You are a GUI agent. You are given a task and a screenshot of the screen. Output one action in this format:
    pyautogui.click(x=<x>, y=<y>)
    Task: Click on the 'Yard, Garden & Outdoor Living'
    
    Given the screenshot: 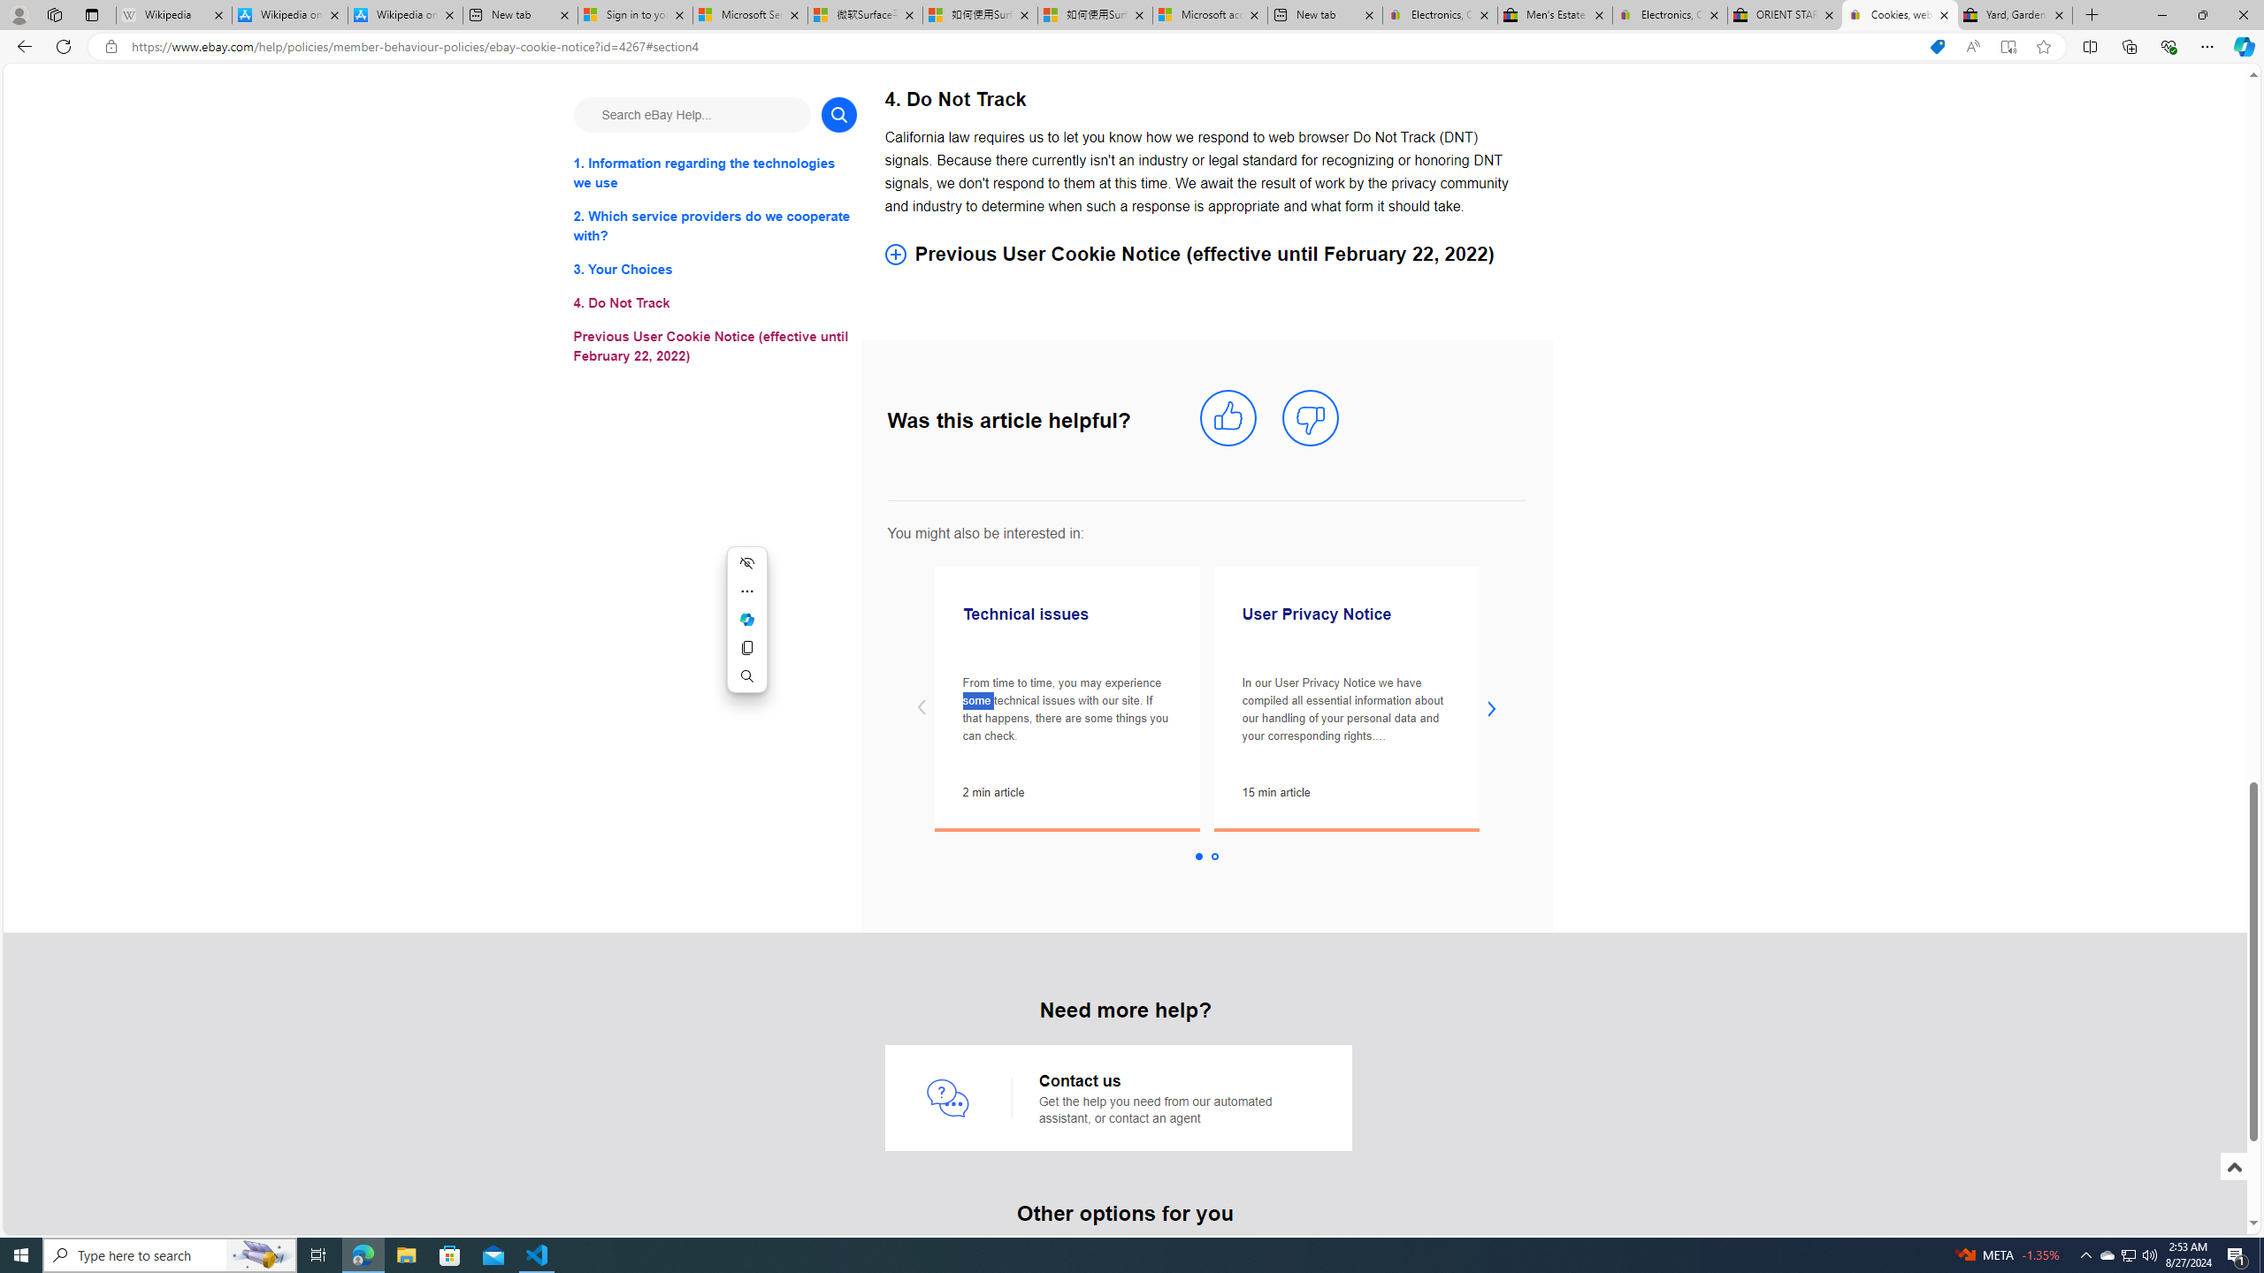 What is the action you would take?
    pyautogui.click(x=2015, y=14)
    